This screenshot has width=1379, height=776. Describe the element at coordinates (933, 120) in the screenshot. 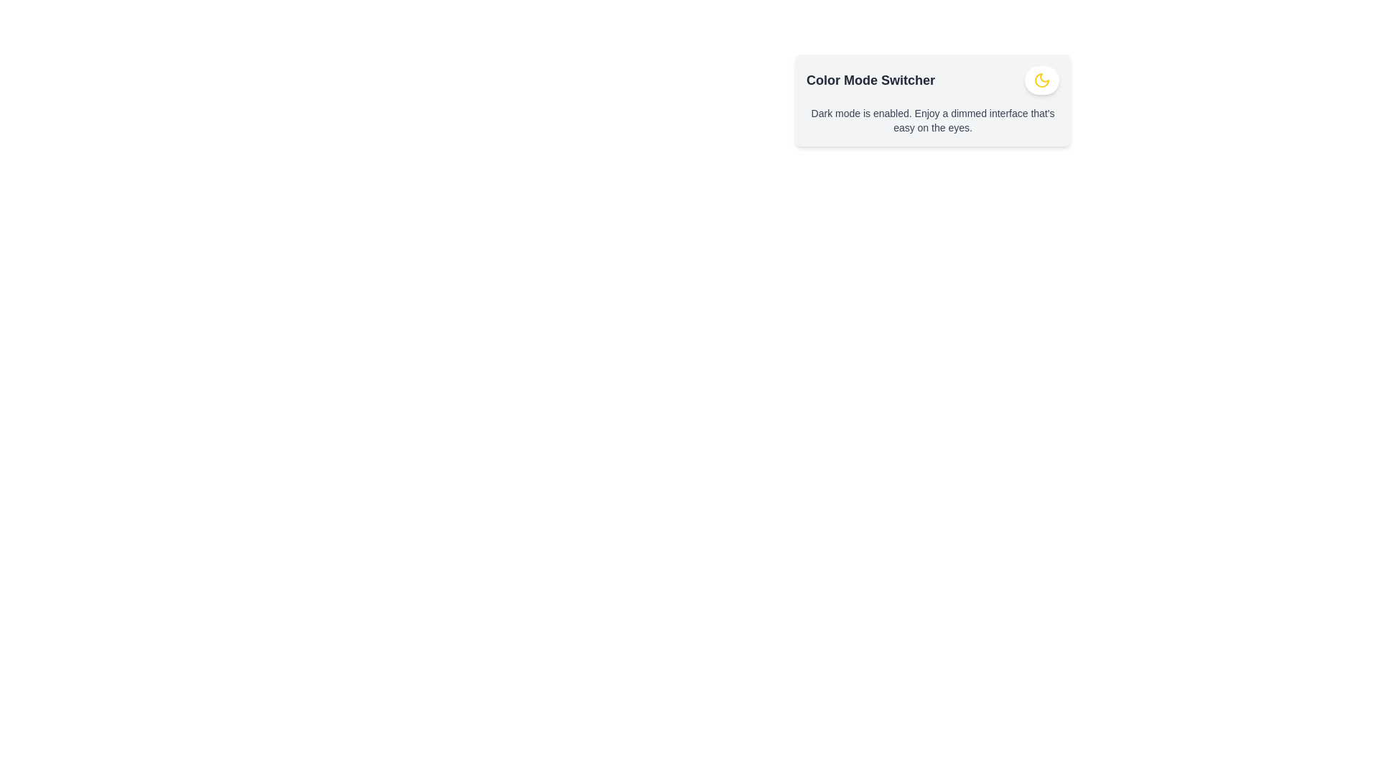

I see `the text element that states 'Dark mode is enabled. Enjoy a dimmed interface that's easy on the eyes.', which is located beneath the header 'Color Mode Switcher'` at that location.